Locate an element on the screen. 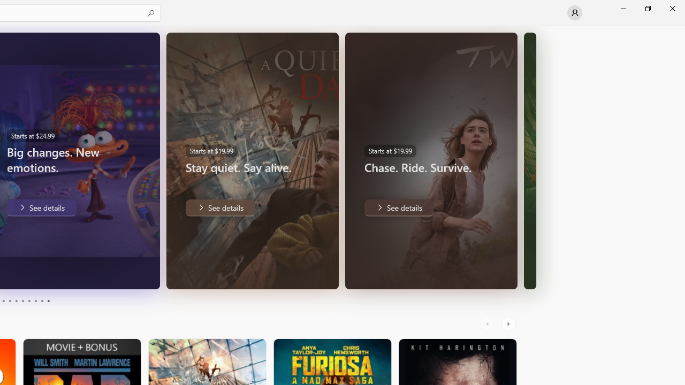 Image resolution: width=685 pixels, height=385 pixels. 'Page 6' is located at coordinates (22, 301).